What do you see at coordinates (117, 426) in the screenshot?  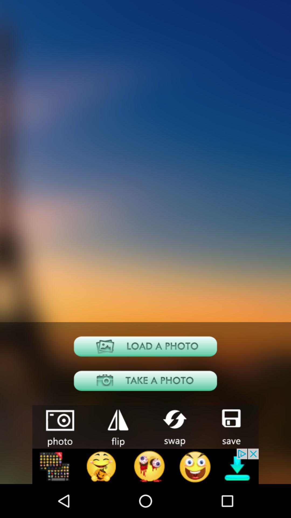 I see `the app` at bounding box center [117, 426].